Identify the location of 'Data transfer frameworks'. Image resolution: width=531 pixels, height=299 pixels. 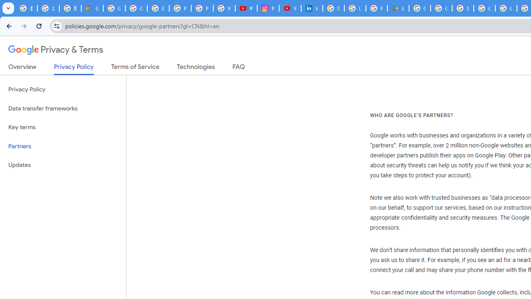
(63, 108).